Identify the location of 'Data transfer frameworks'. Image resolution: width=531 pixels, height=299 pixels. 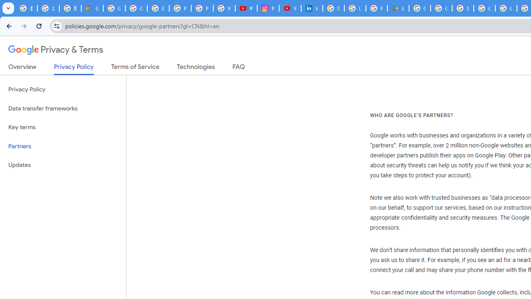
(63, 108).